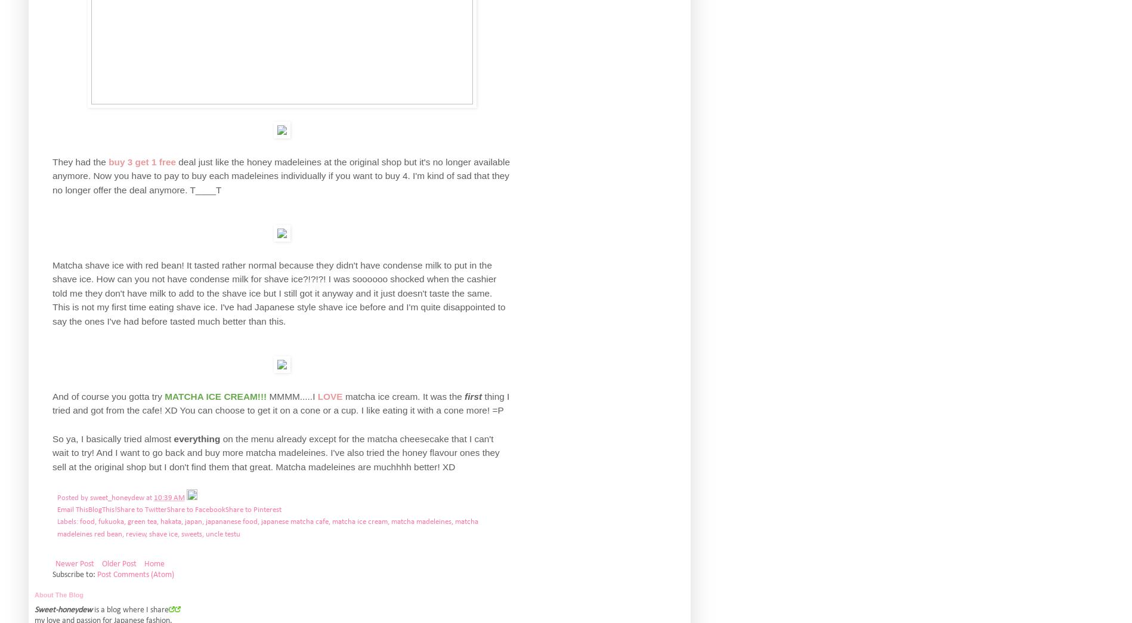  Describe the element at coordinates (116, 497) in the screenshot. I see `'sweet_honeydew'` at that location.